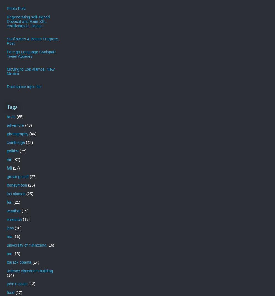  I want to click on '(32)', so click(16, 159).